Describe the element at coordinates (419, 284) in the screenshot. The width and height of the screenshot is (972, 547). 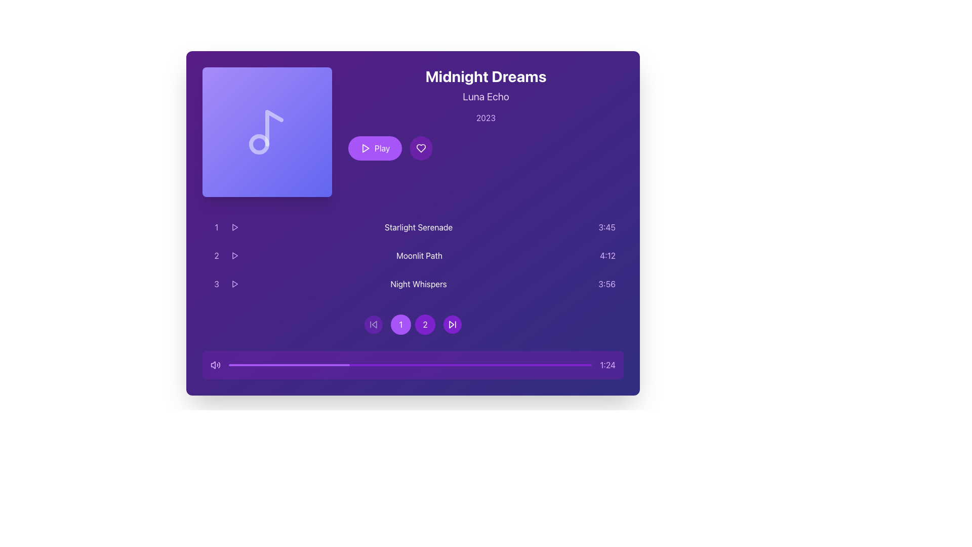
I see `the title label for the song 'Night Whispers' located in the third row of the song list, which is centrally aligned between the play icon and the song duration` at that location.